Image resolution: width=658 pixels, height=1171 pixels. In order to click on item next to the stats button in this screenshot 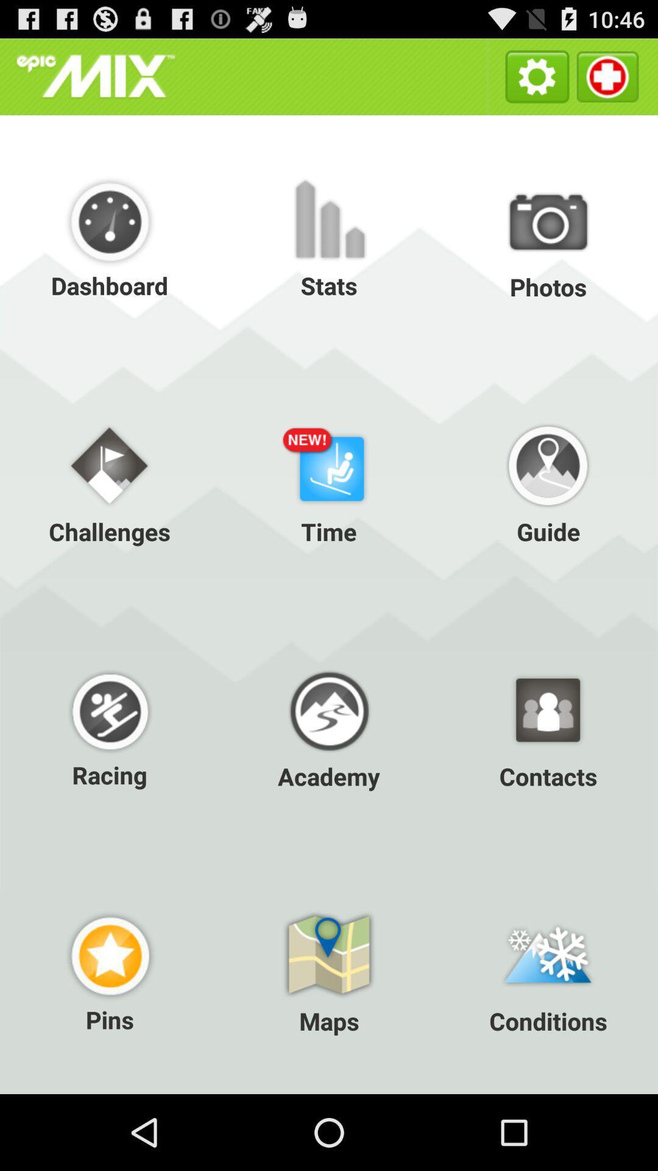, I will do `click(547, 237)`.